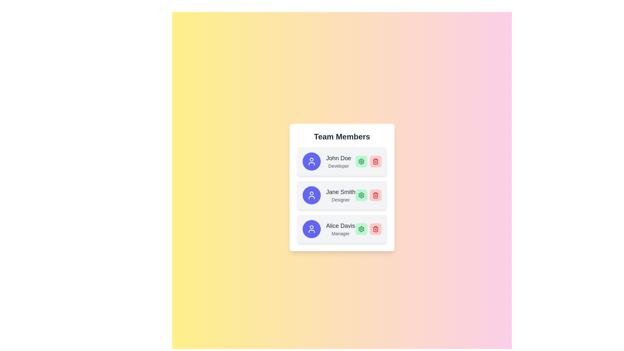  I want to click on the settings icon button located to the right of 'Jane Smith' in the 'Team Members' section, so click(361, 195).